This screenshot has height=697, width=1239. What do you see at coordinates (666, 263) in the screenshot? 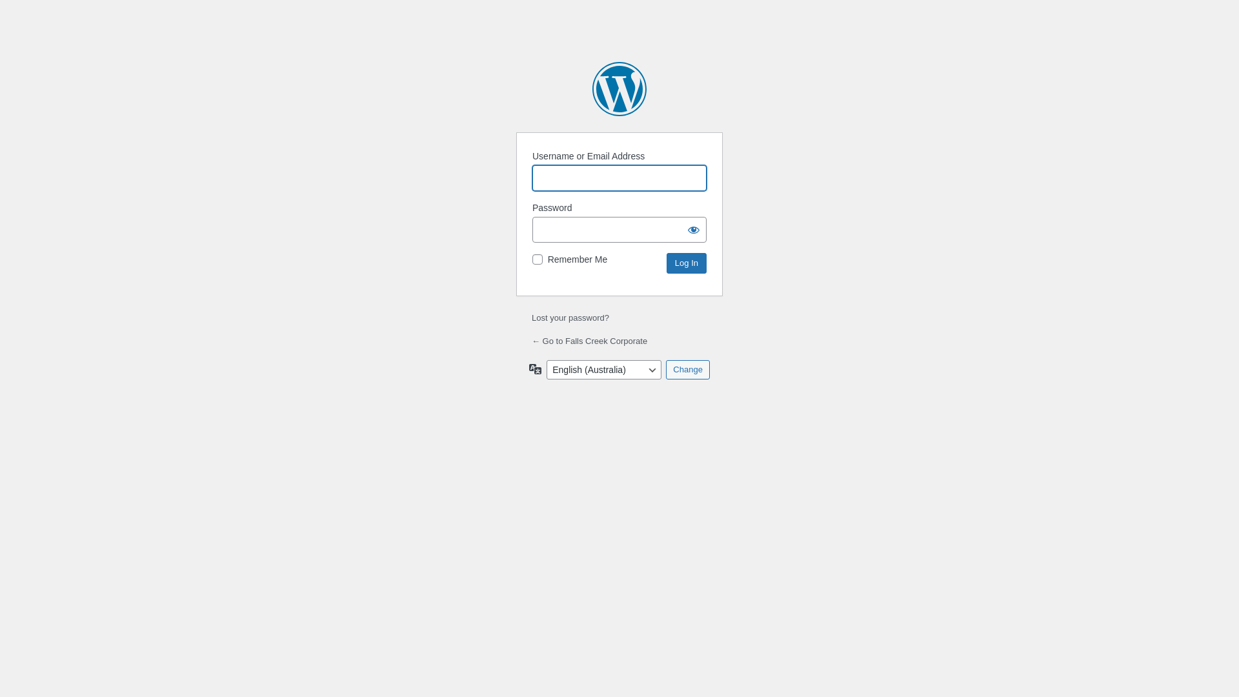
I see `'Log In'` at bounding box center [666, 263].